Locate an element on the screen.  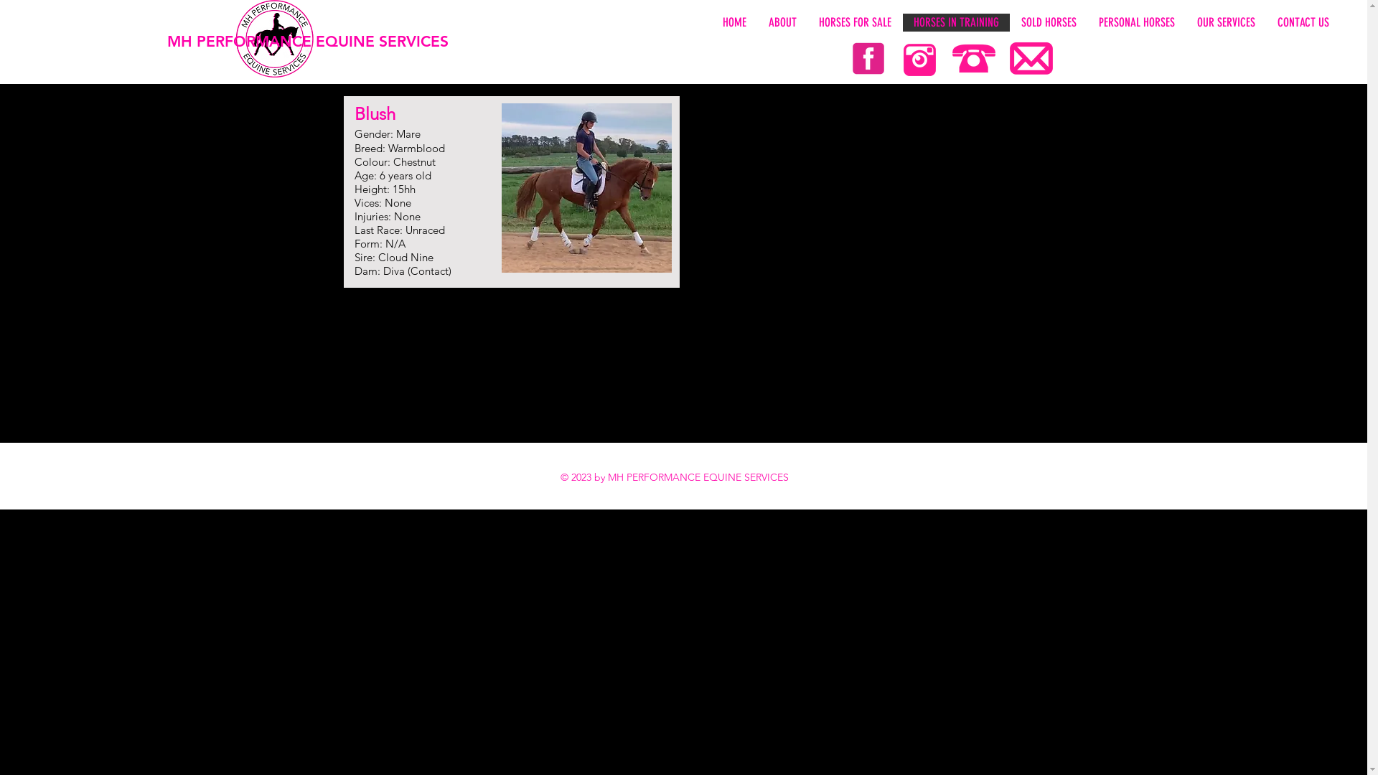
'SOLD HORSES' is located at coordinates (1048, 22).